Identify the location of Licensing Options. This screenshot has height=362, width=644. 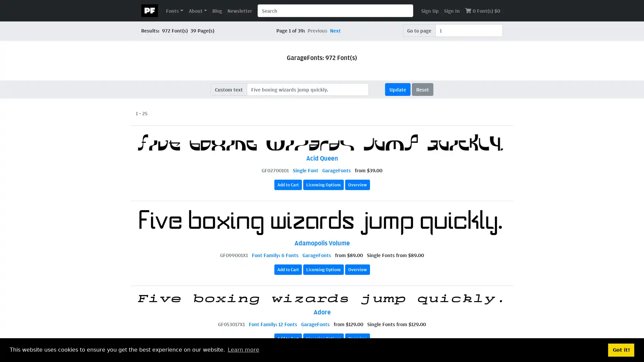
(323, 338).